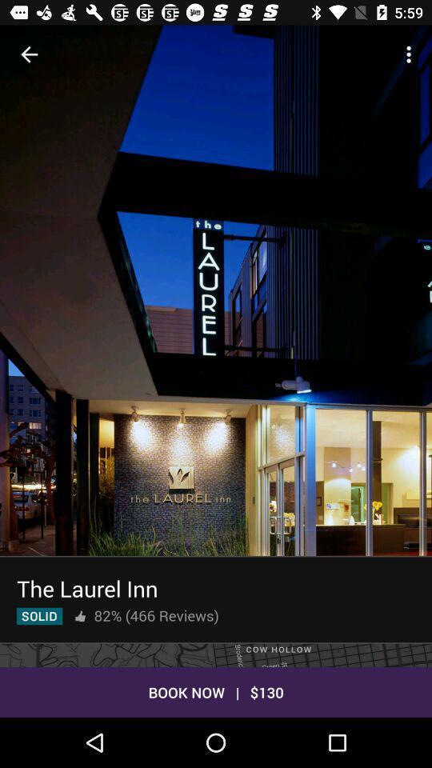  What do you see at coordinates (87, 587) in the screenshot?
I see `item above 82% (466 reviews) item` at bounding box center [87, 587].